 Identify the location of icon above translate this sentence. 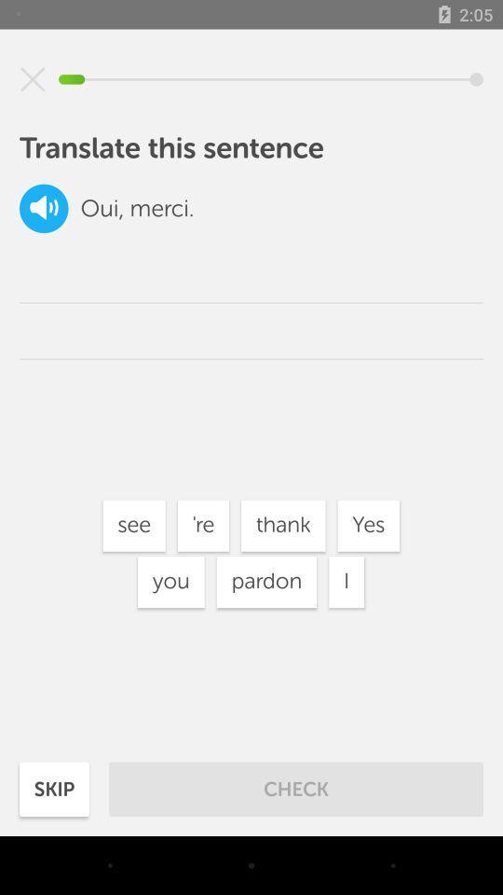
(33, 79).